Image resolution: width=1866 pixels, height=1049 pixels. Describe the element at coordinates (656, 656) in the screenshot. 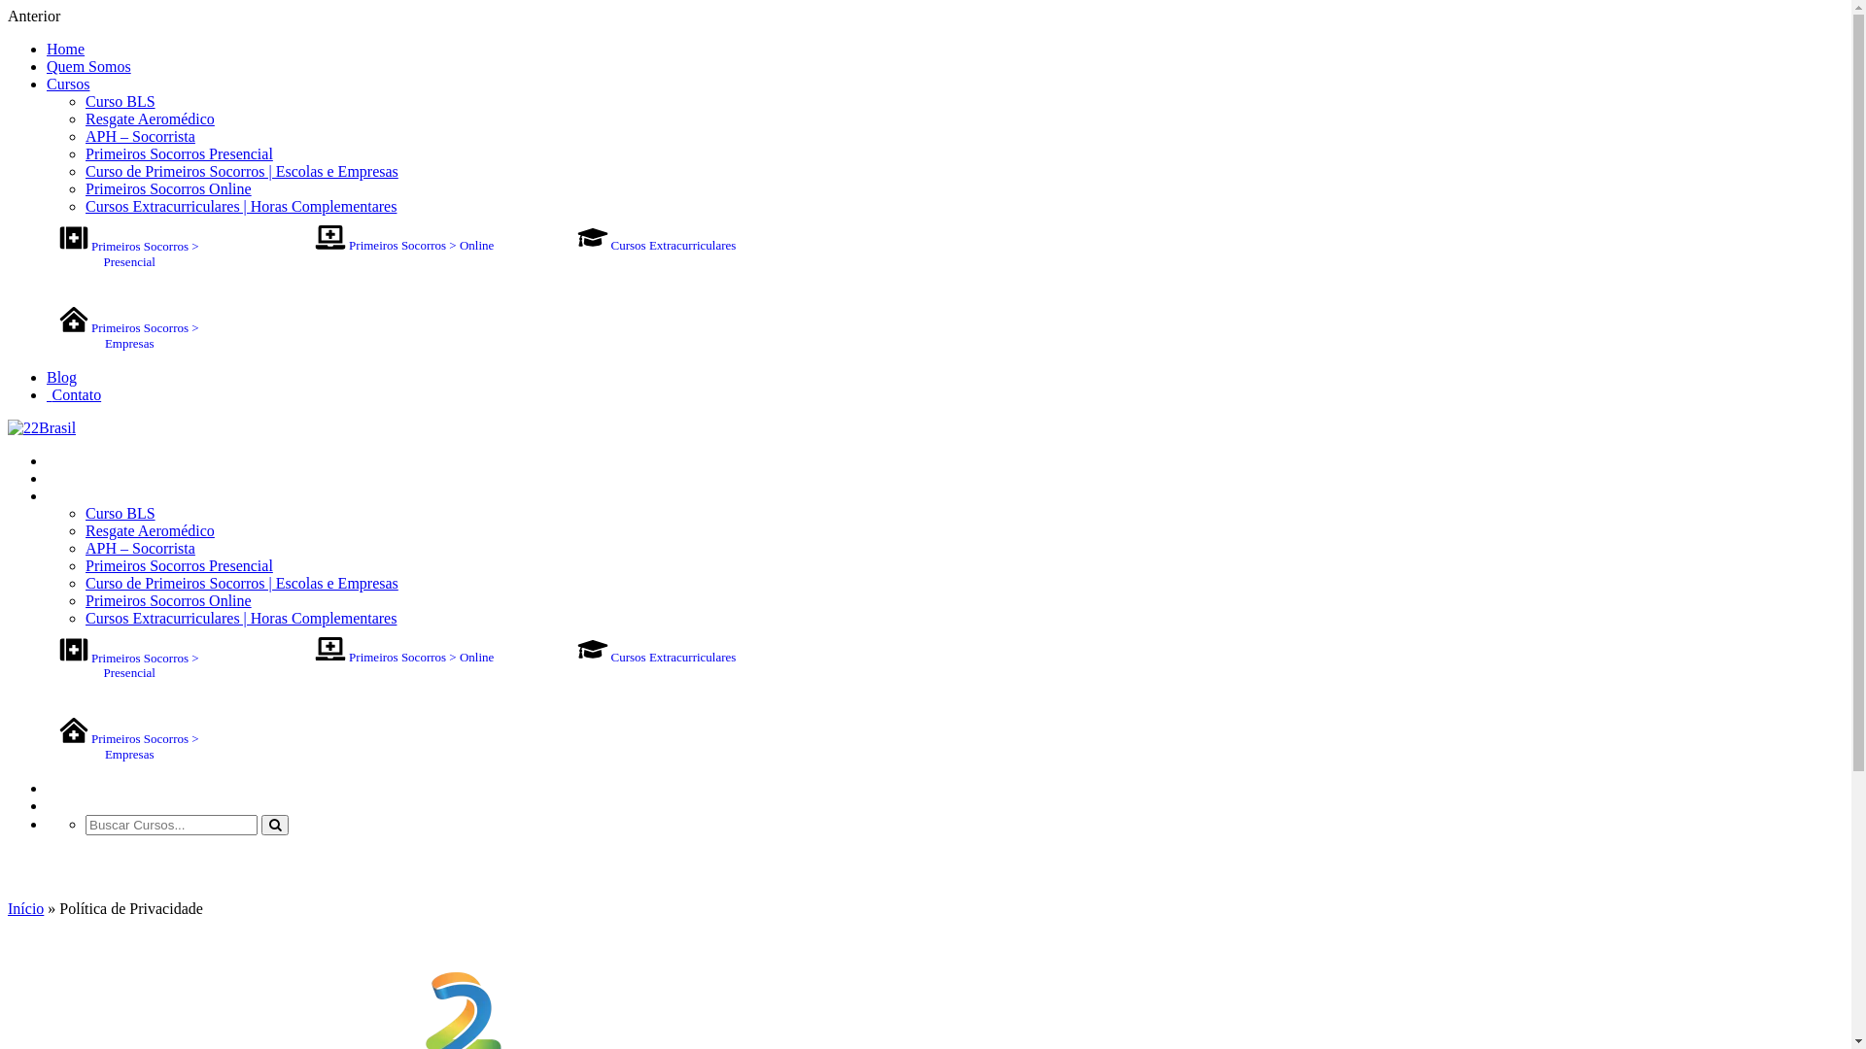

I see `'Cursos Extracurriculares'` at that location.